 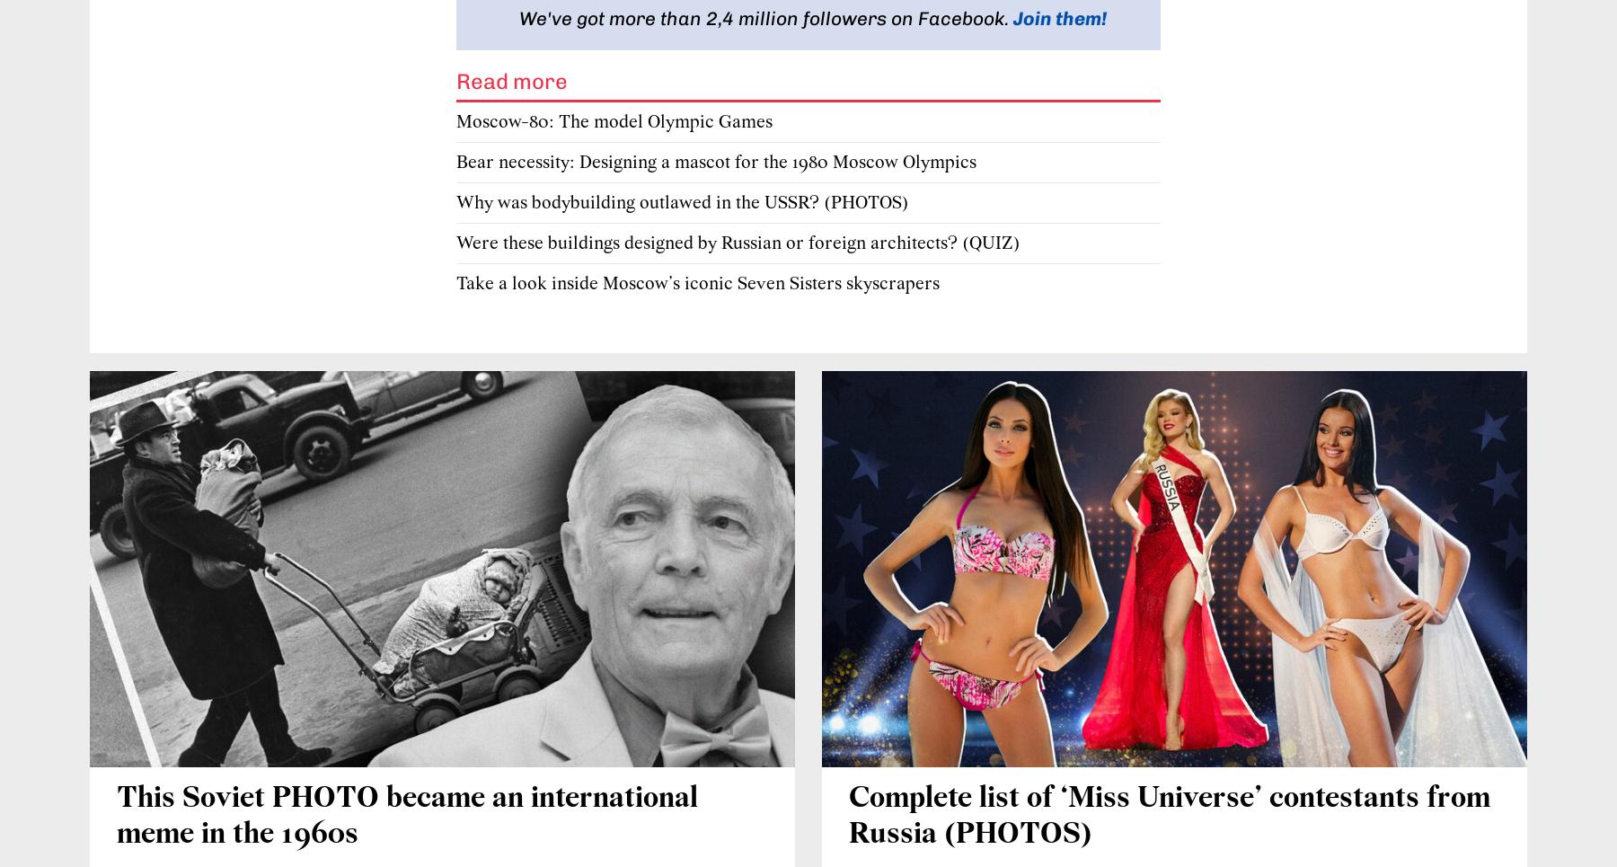 I want to click on 'This Soviet PHOTO became an international meme in the 1960s', so click(x=406, y=815).